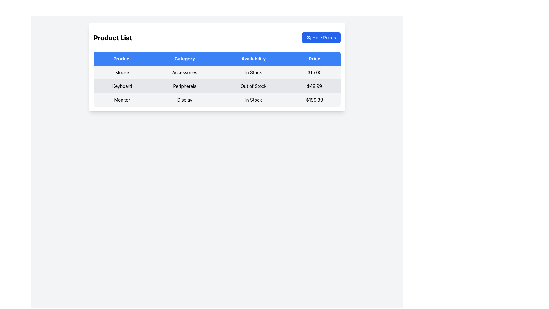 Image resolution: width=549 pixels, height=309 pixels. I want to click on the 'Price' header label in the table to emphasize it, which is the last column in the header row indicating price-related information, so click(314, 58).